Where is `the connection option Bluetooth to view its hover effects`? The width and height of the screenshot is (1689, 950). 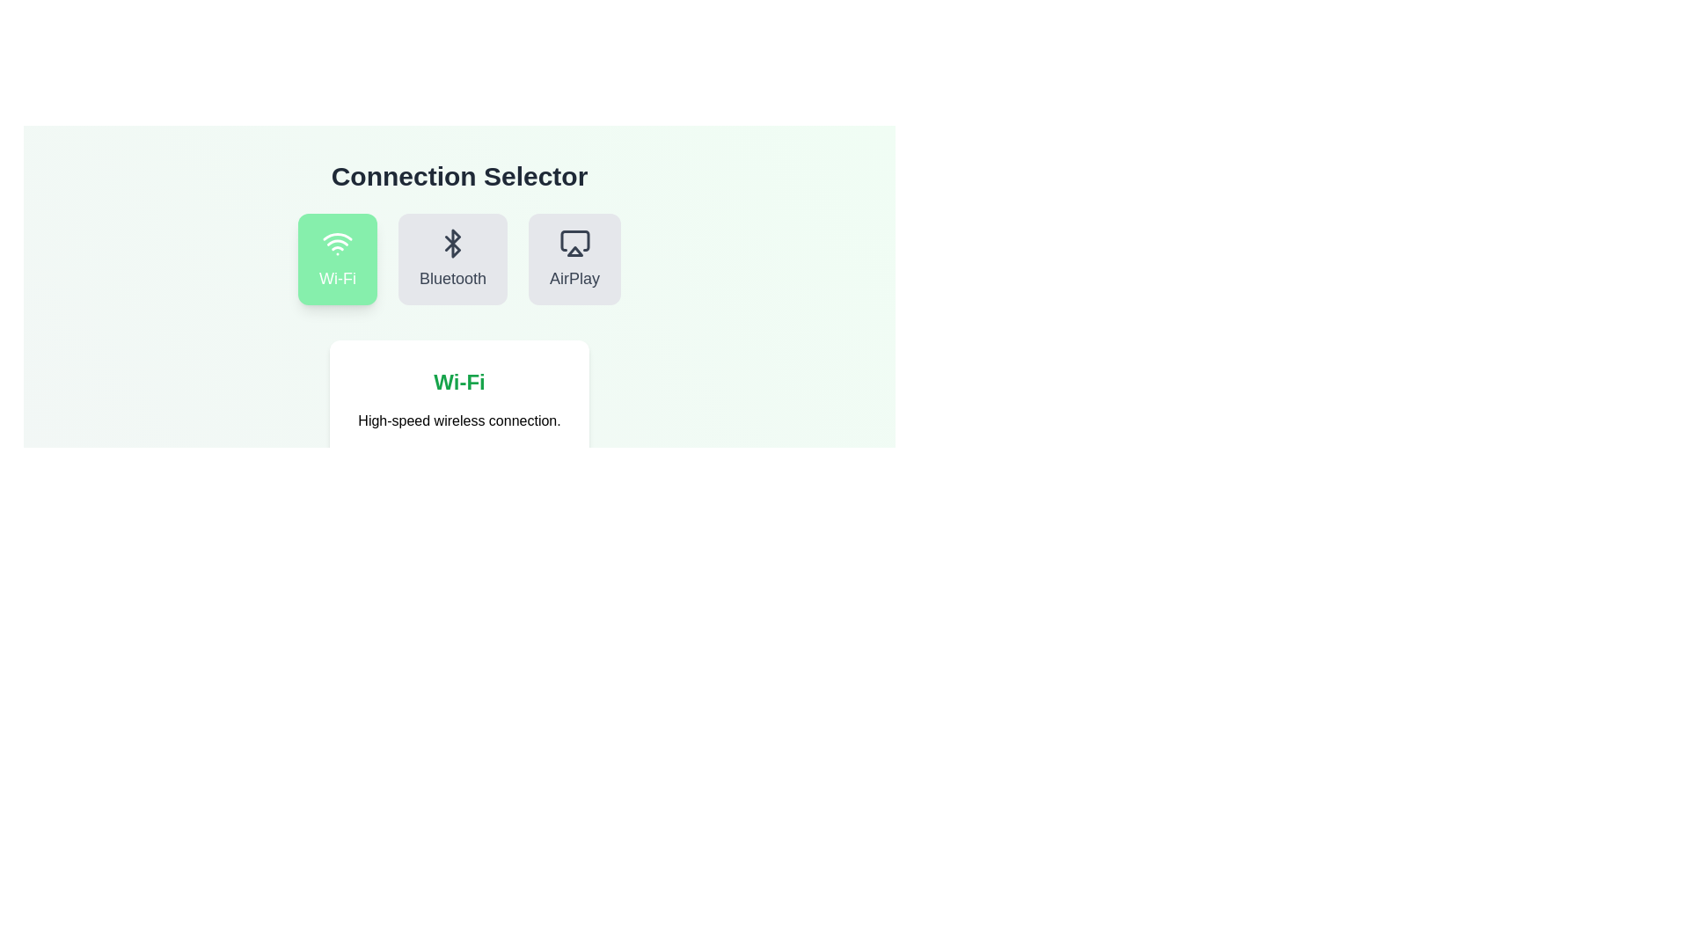
the connection option Bluetooth to view its hover effects is located at coordinates (452, 259).